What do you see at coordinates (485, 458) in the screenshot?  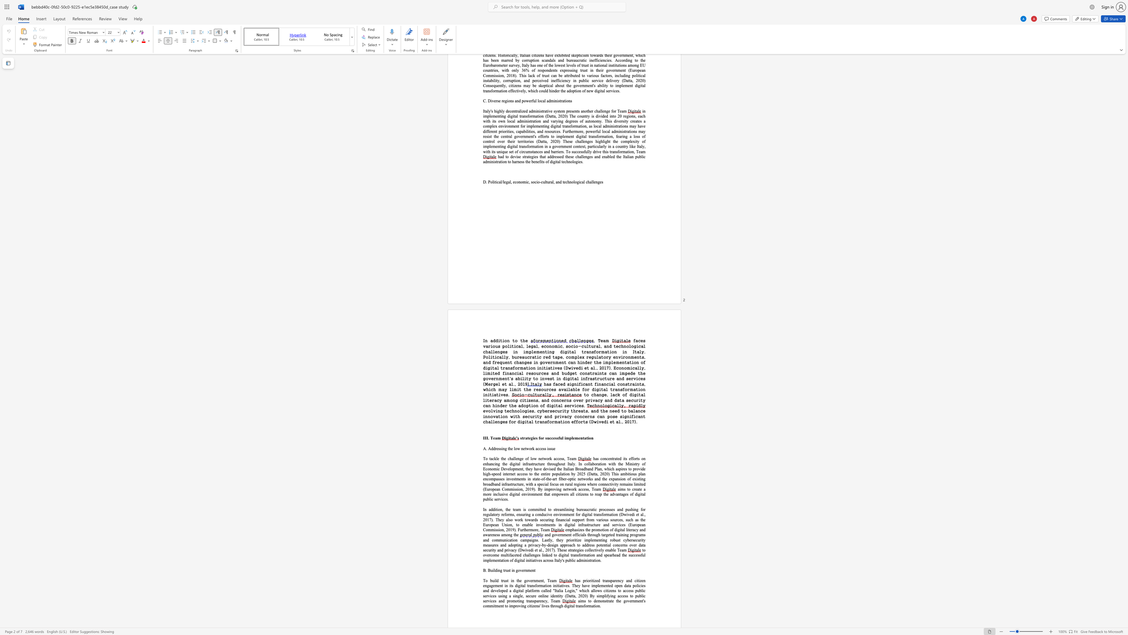 I see `the subset text "o tackle the challenge of l" within the text "To tackle the challenge of low network access, Team"` at bounding box center [485, 458].